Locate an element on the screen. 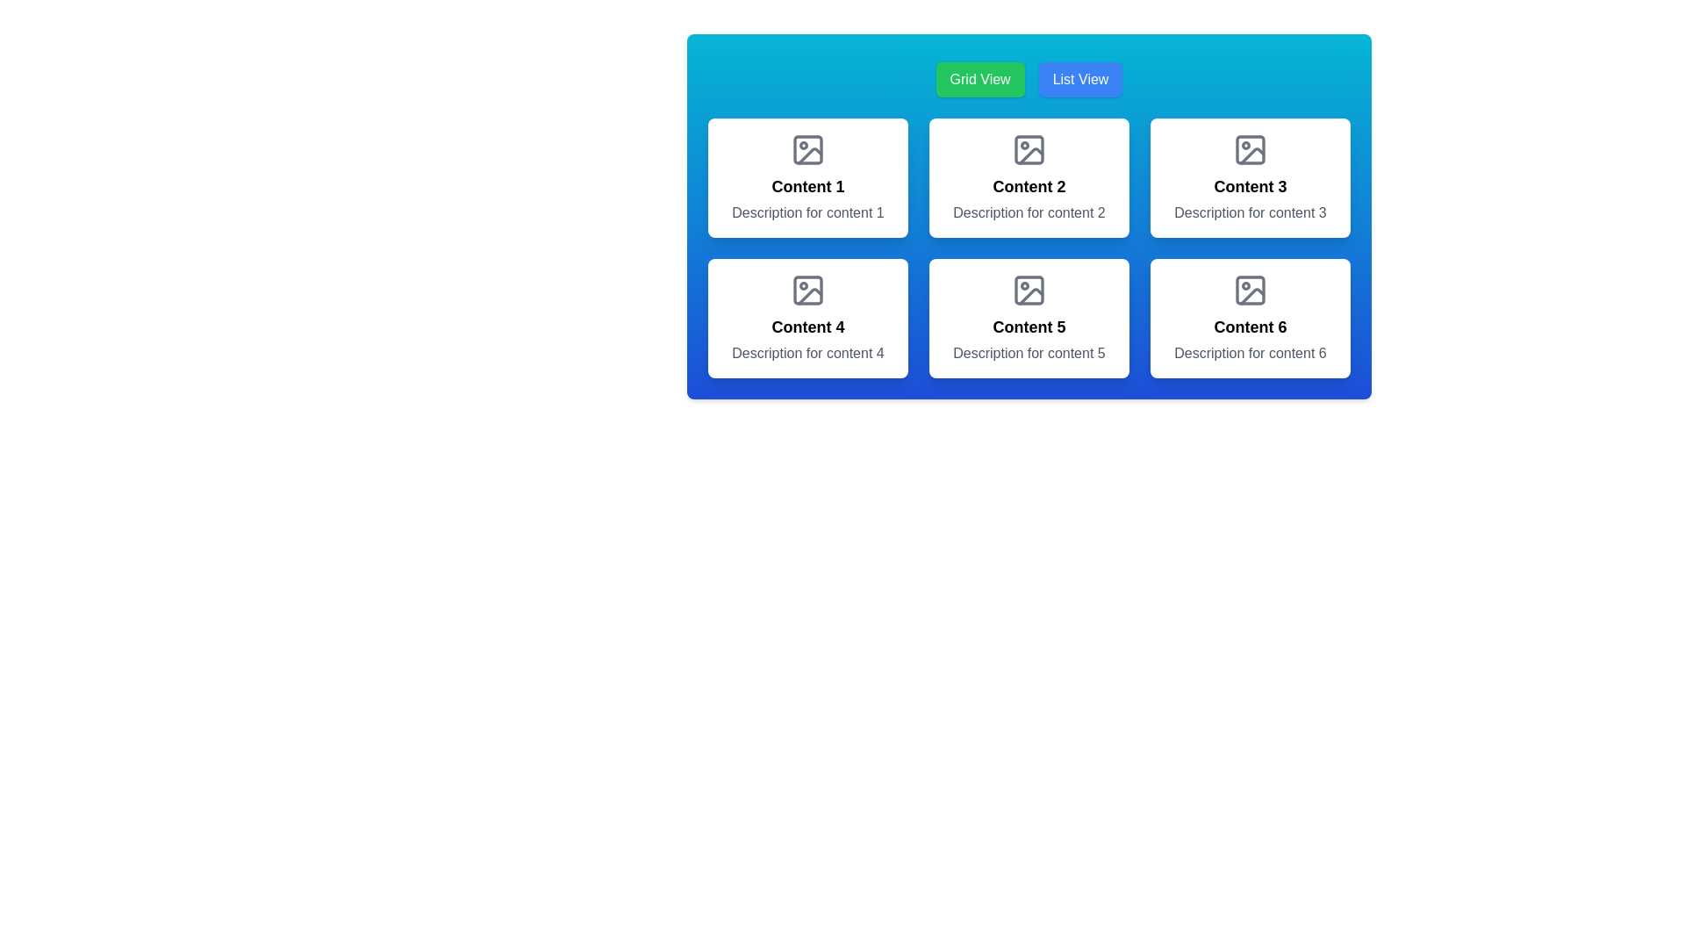  the rectangular icon with rounded corners located in the sixth grid item labeled 'Content 6 Description for content 6' is located at coordinates (1250, 290).